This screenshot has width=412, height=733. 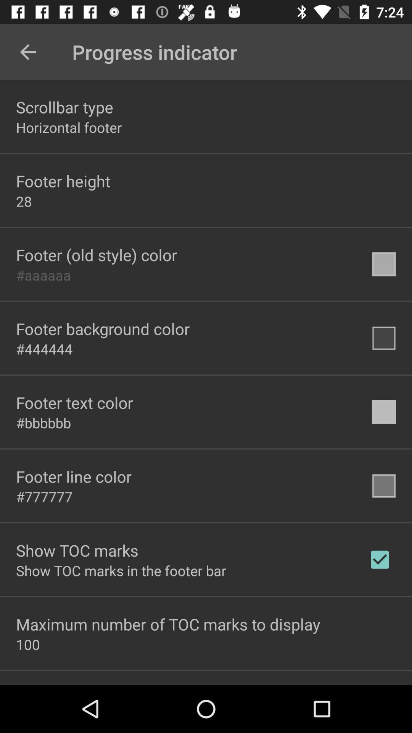 I want to click on #bbbbbb icon, so click(x=43, y=422).